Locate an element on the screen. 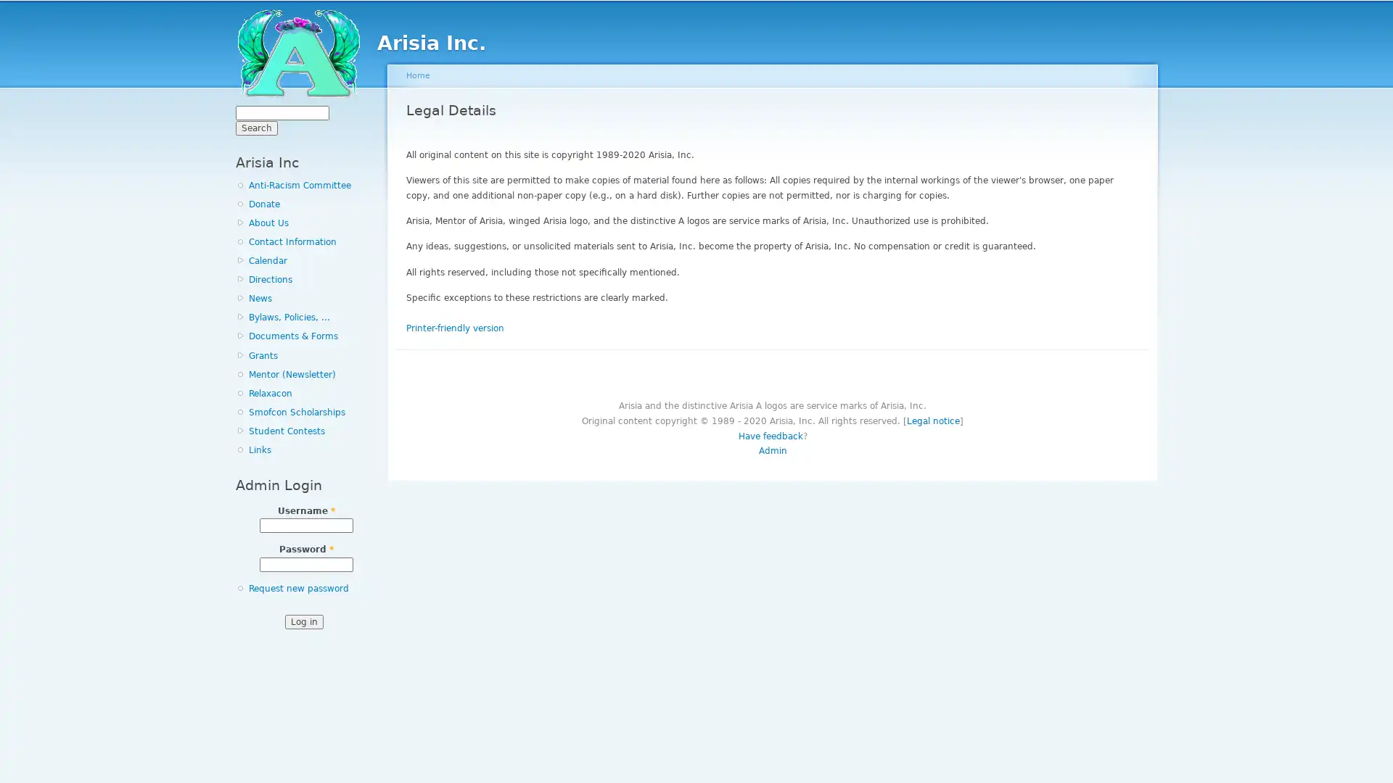 This screenshot has height=783, width=1393. Log in is located at coordinates (303, 620).